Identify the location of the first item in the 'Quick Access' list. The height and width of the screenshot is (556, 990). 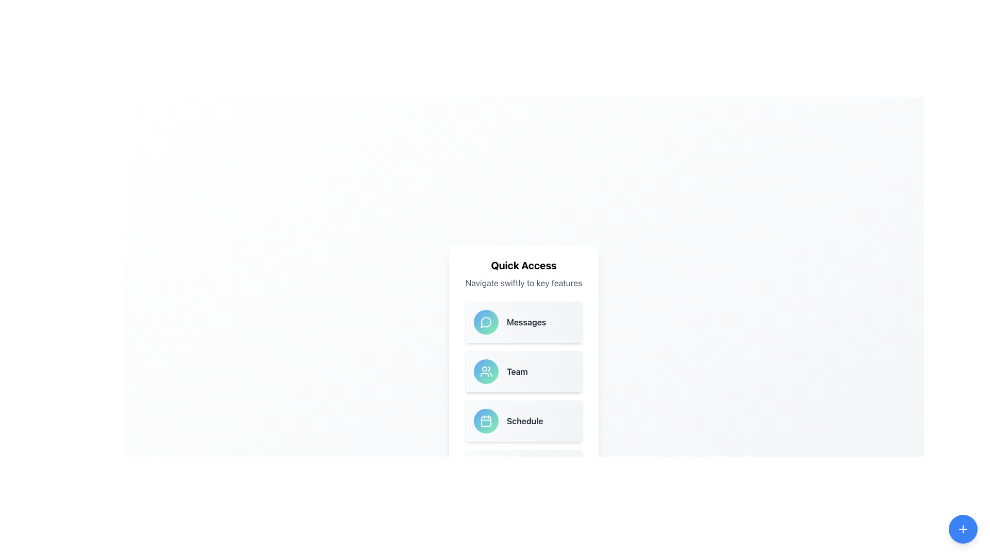
(524, 321).